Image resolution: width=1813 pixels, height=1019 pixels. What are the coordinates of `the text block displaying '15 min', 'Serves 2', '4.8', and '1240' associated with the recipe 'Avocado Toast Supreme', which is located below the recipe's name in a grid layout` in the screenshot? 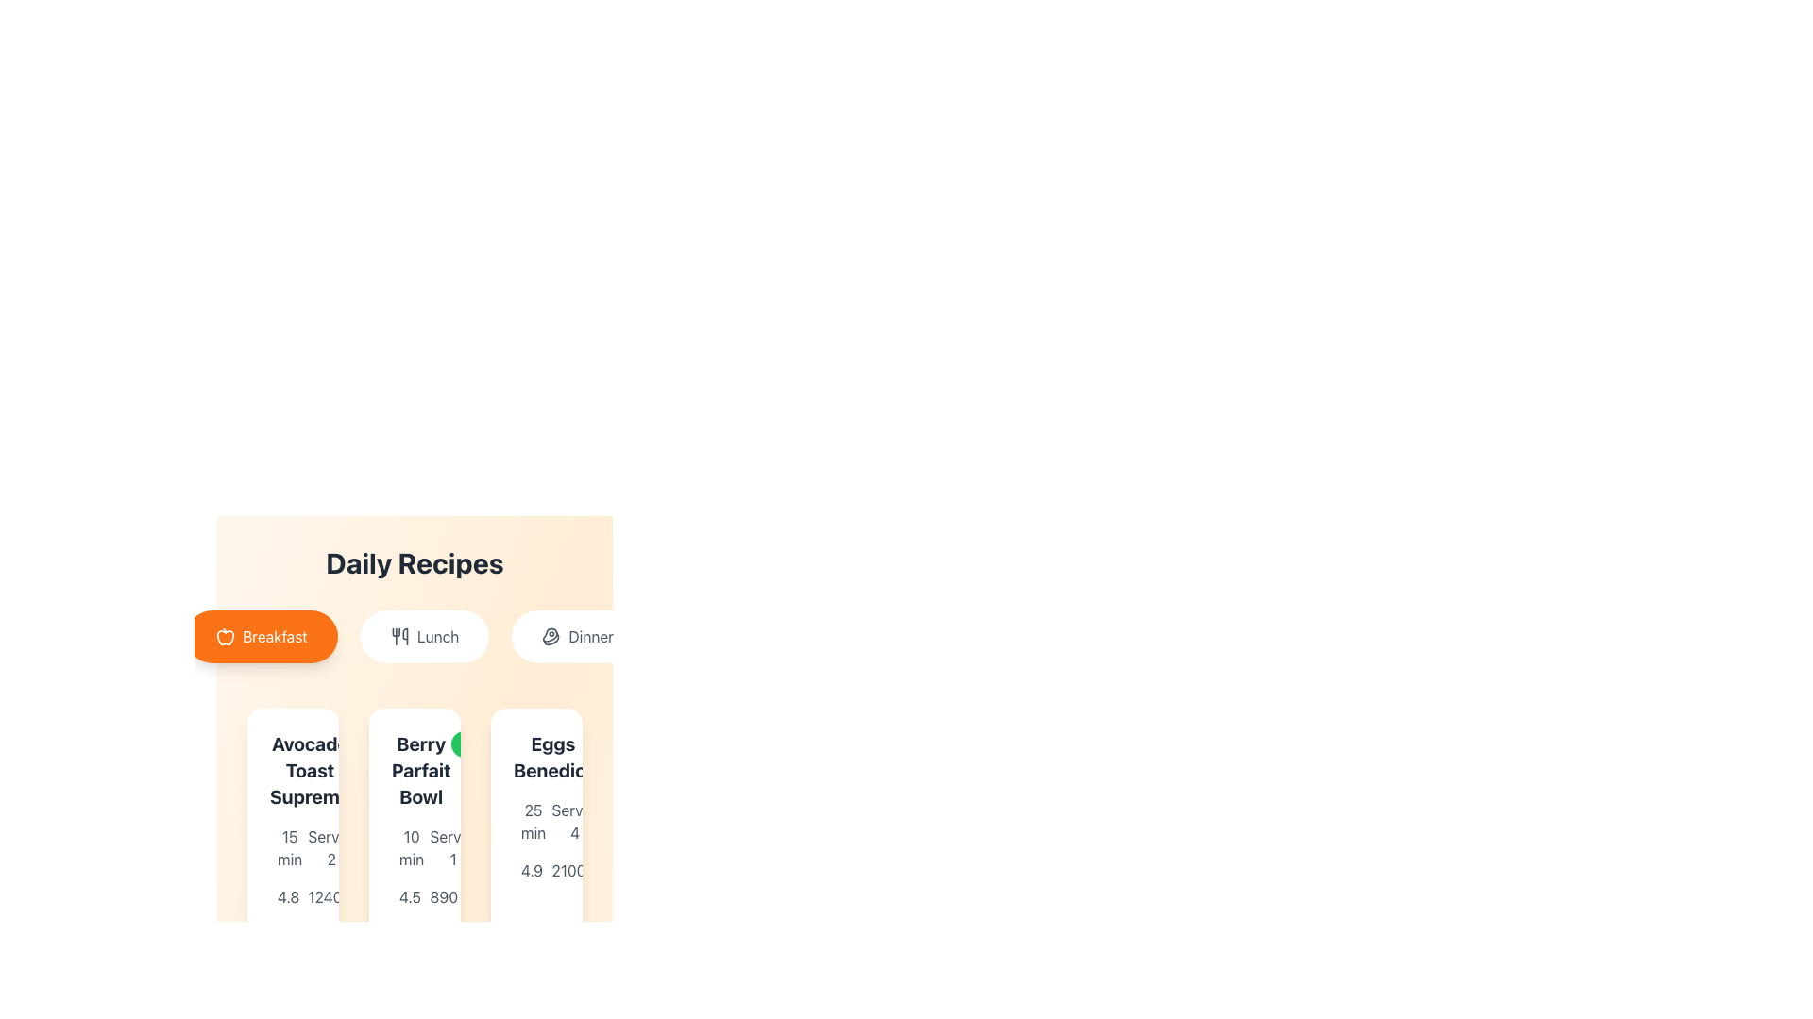 It's located at (292, 866).